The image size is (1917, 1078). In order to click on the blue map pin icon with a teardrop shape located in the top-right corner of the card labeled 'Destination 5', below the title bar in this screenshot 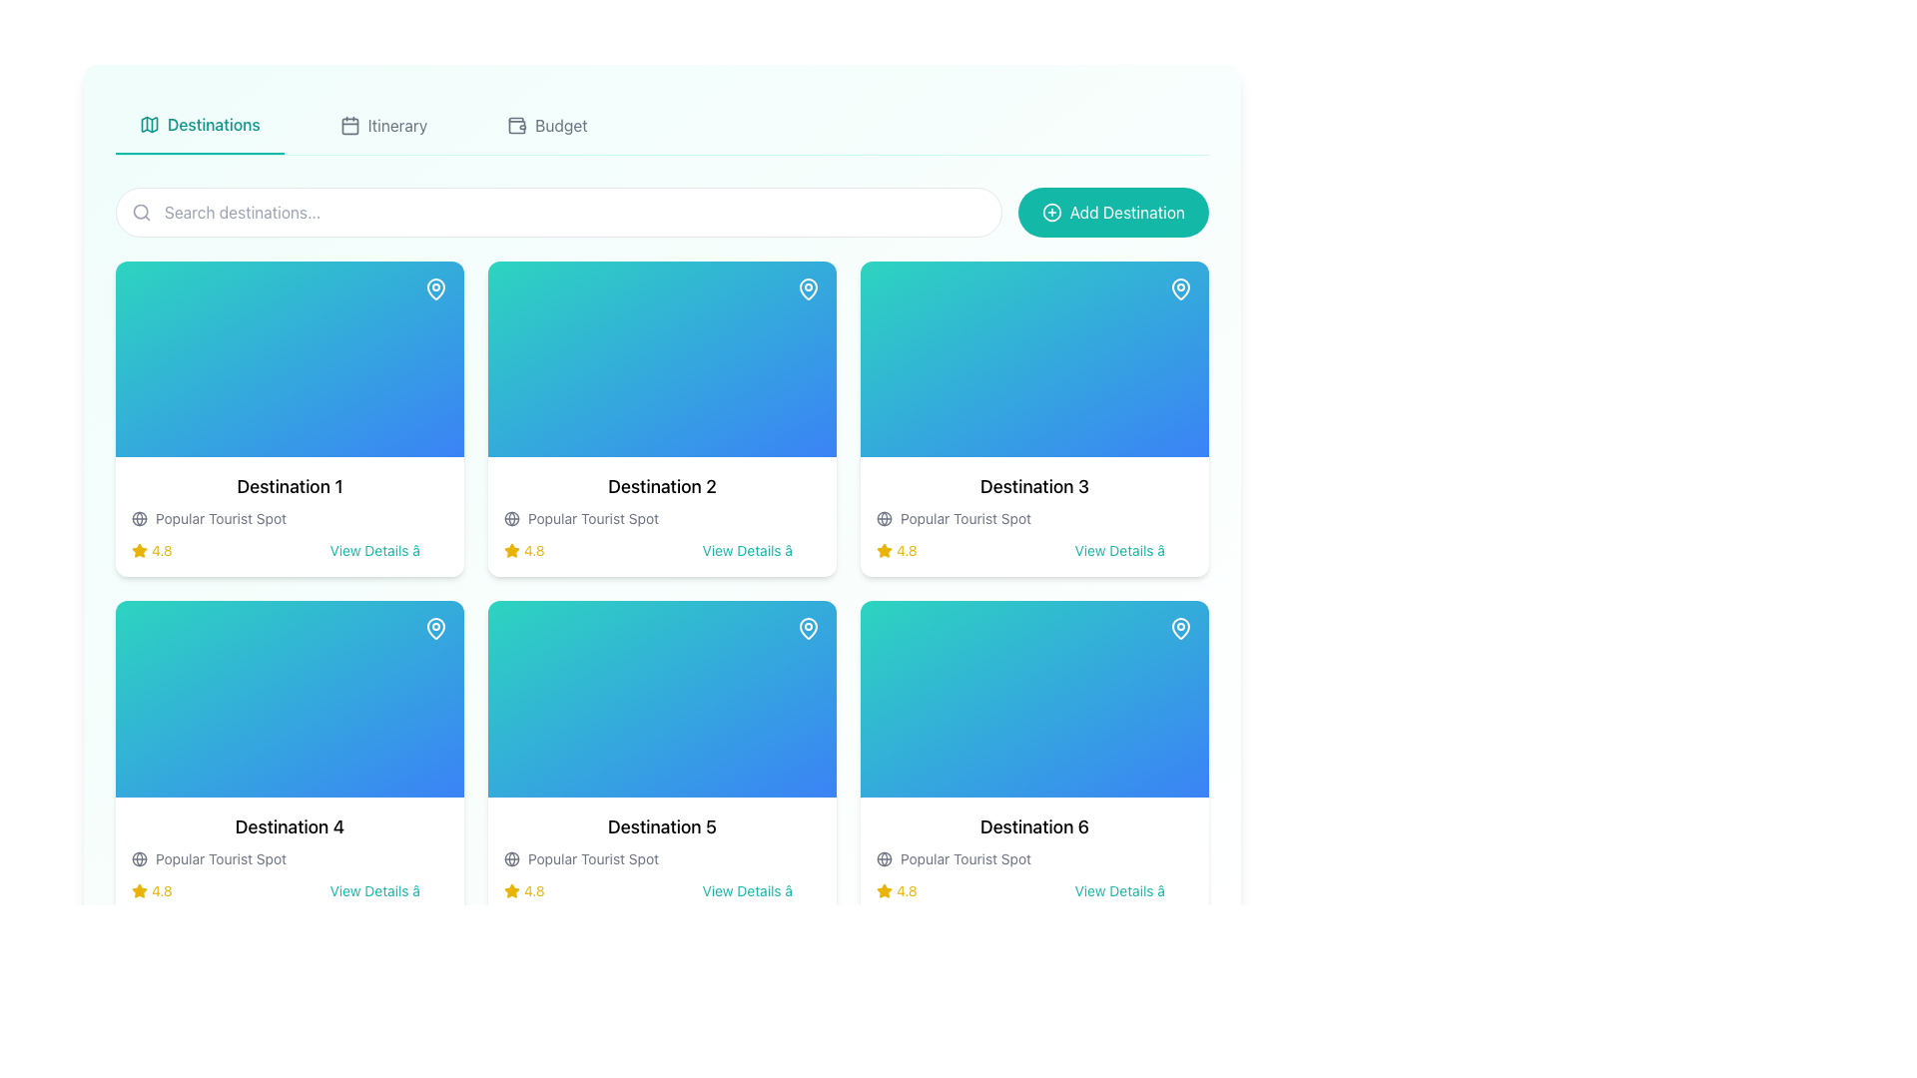, I will do `click(809, 627)`.